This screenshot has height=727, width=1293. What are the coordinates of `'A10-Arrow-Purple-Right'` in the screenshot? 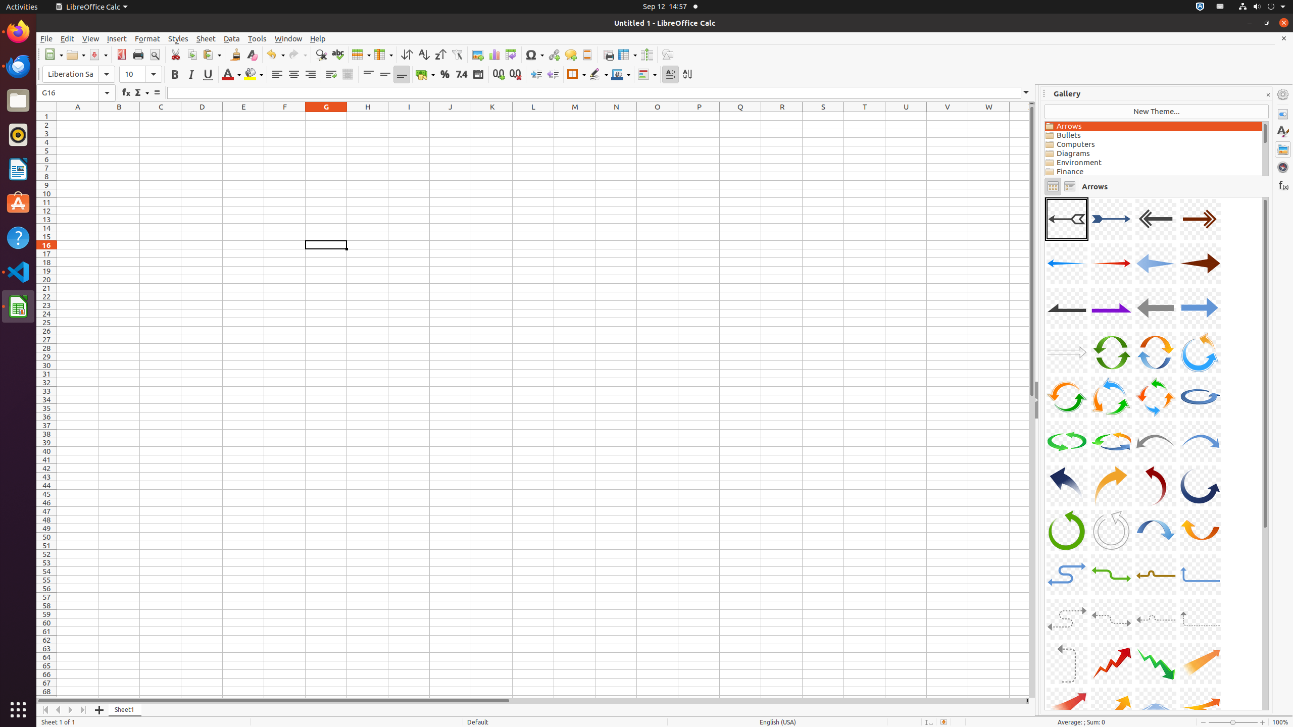 It's located at (1111, 307).